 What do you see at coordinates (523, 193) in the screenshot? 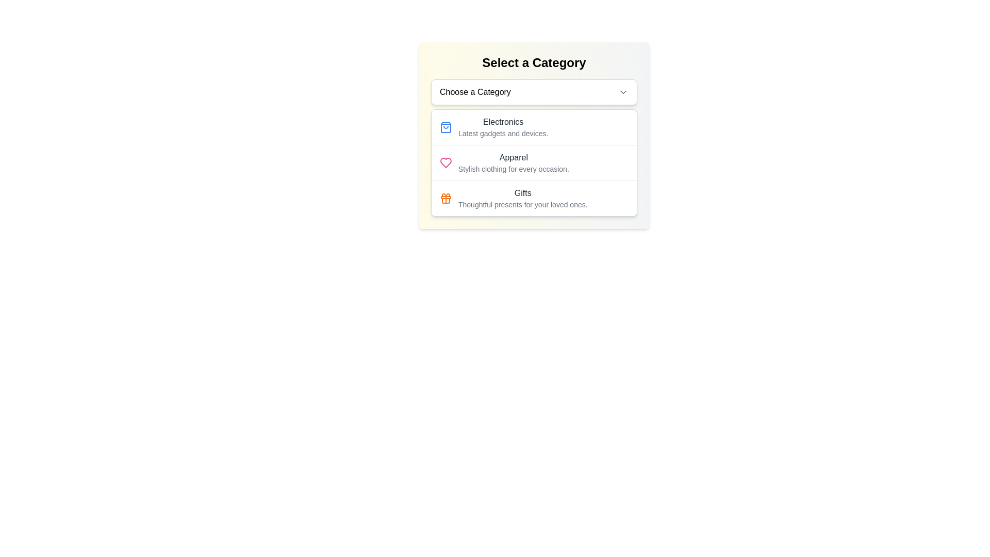
I see `the 'Gifts' text label, which is a dark gray static text element located above the descriptive text in the 'Select a Category' interface` at bounding box center [523, 193].